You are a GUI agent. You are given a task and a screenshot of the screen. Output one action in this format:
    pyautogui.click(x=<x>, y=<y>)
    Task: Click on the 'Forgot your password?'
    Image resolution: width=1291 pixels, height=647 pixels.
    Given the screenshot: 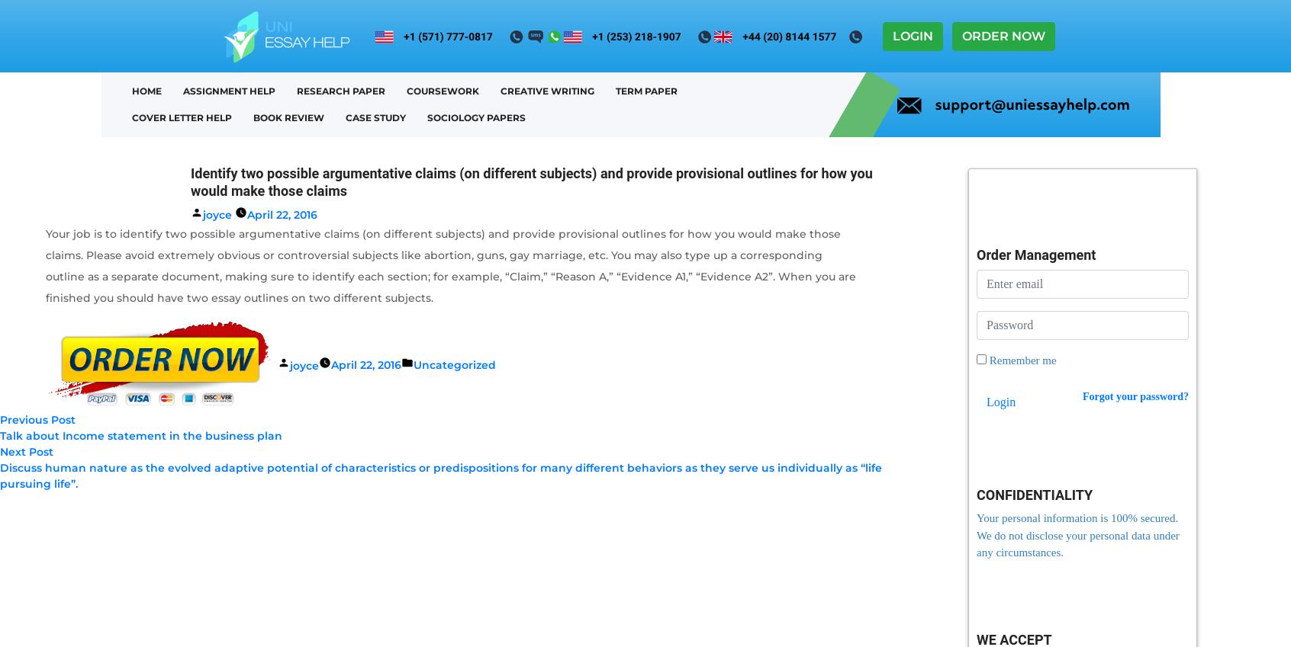 What is the action you would take?
    pyautogui.click(x=1135, y=395)
    